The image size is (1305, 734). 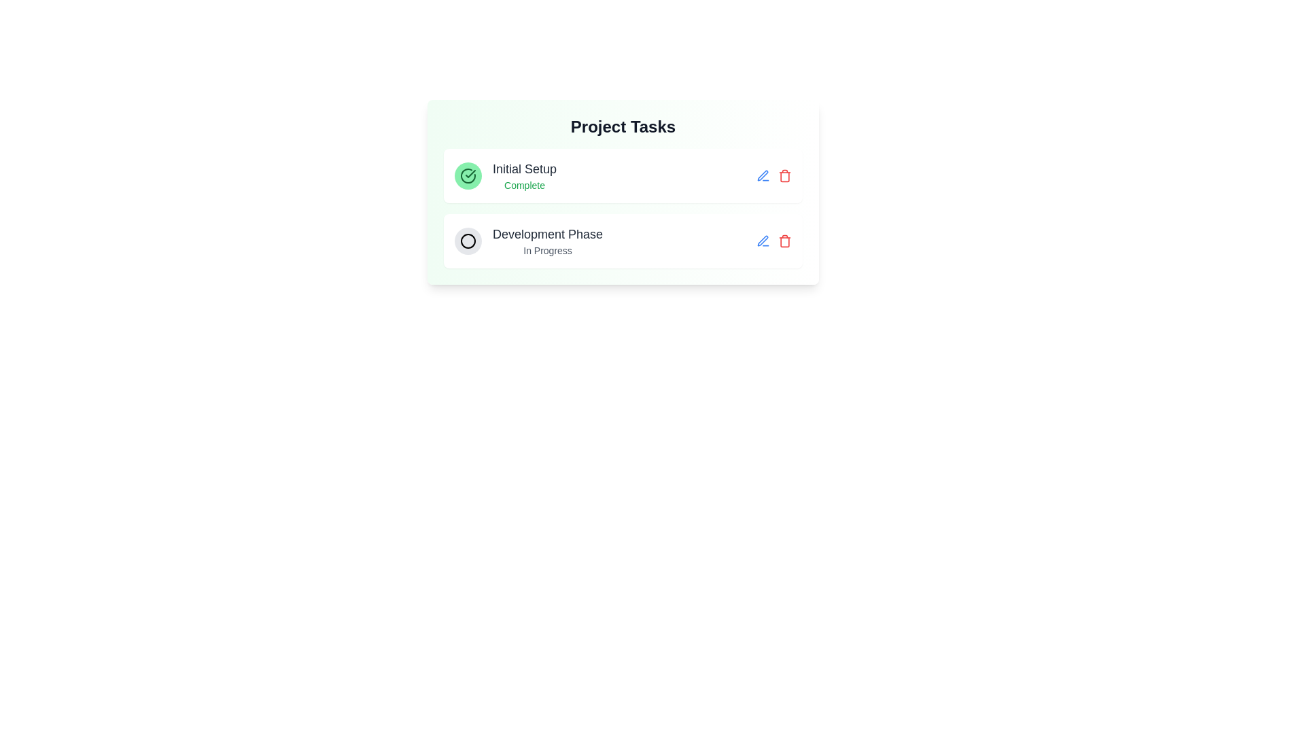 I want to click on the completion status icon located to the left of the text 'Initial Setup' in the 'Project Tasks' section, so click(x=468, y=175).